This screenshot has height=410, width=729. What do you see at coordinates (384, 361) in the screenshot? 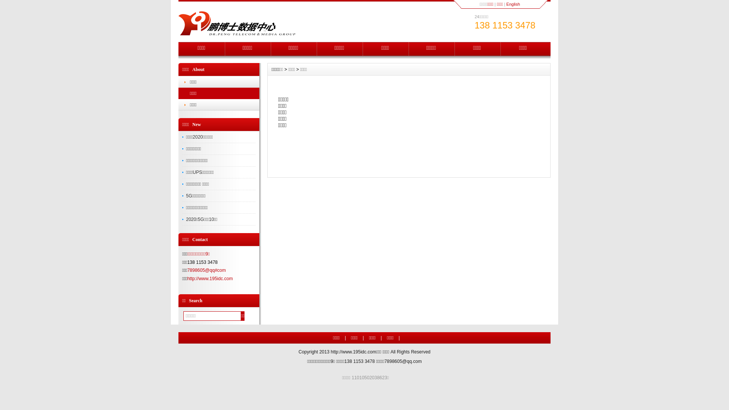
I see `'7898605@qq.com'` at bounding box center [384, 361].